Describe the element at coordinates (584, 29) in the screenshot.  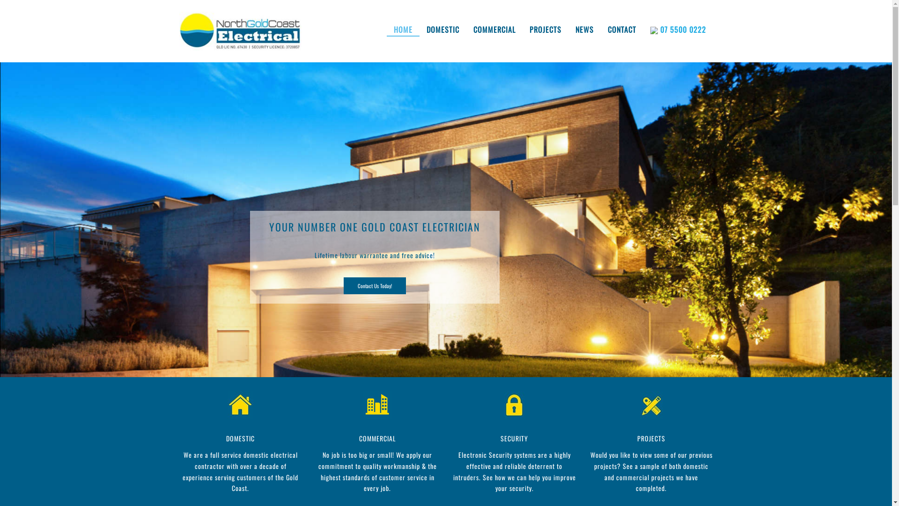
I see `'NEWS'` at that location.